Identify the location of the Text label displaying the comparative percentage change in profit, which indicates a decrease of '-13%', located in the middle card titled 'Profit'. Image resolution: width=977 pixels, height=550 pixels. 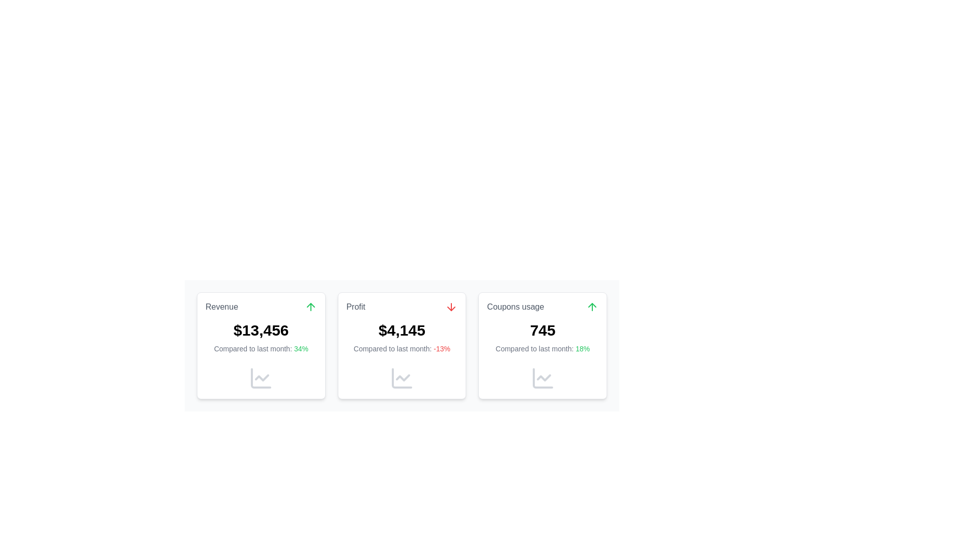
(401, 348).